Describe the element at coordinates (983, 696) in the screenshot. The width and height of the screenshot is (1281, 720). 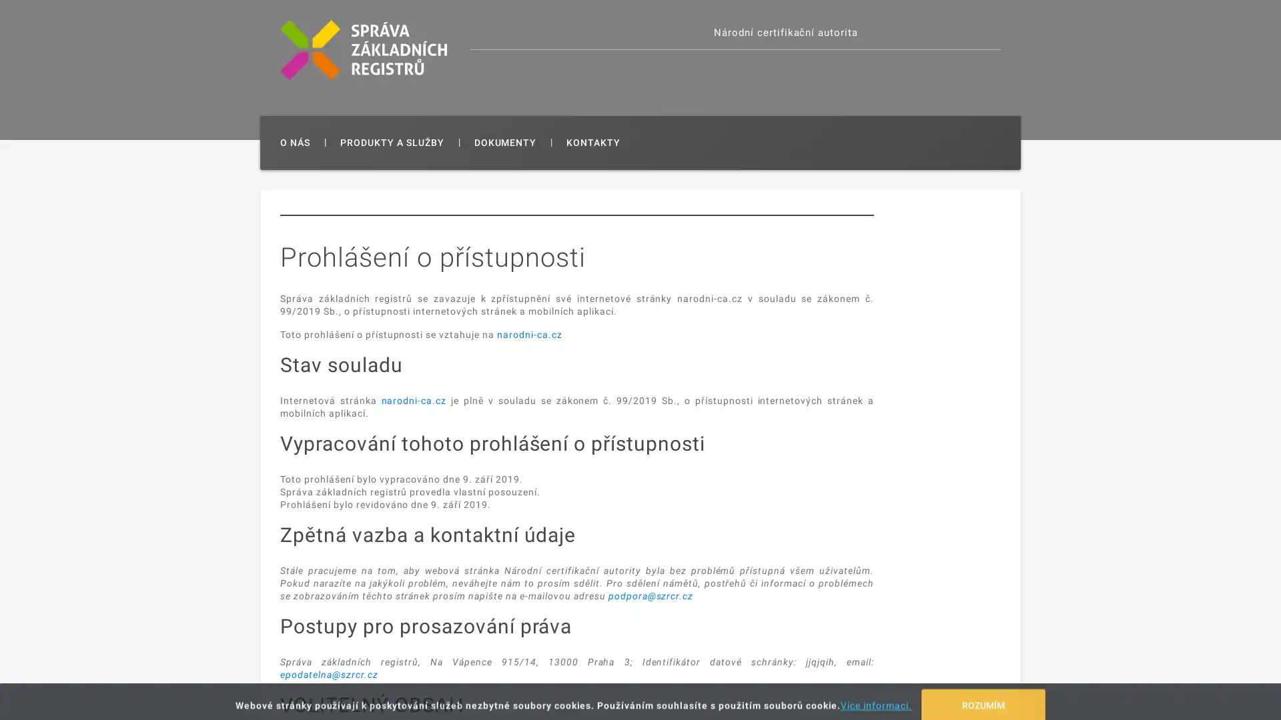
I see `ROZUMIM` at that location.